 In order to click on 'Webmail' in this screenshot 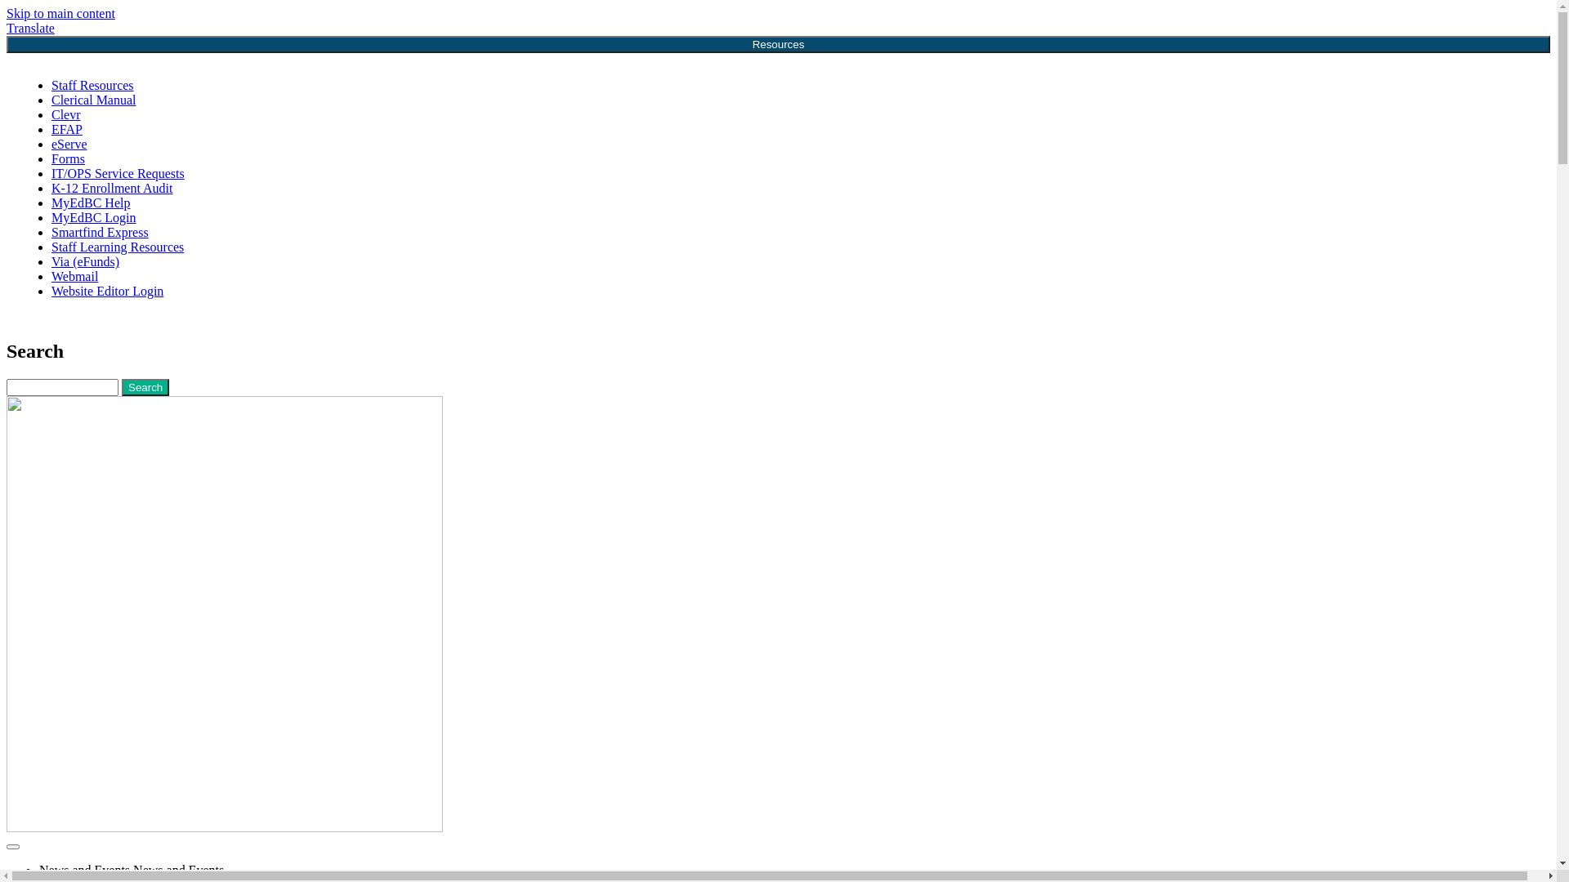, I will do `click(74, 275)`.